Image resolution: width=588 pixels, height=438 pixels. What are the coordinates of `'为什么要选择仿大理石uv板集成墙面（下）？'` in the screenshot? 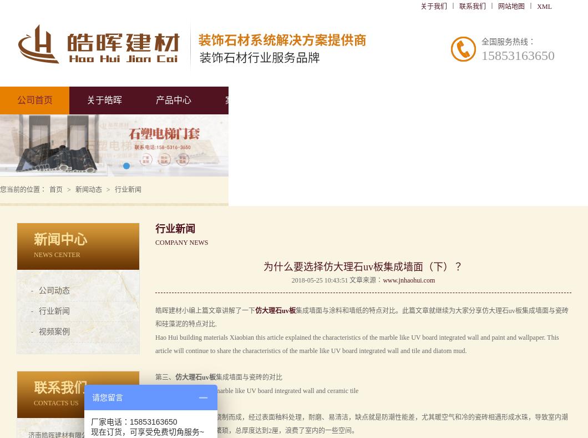 It's located at (363, 266).